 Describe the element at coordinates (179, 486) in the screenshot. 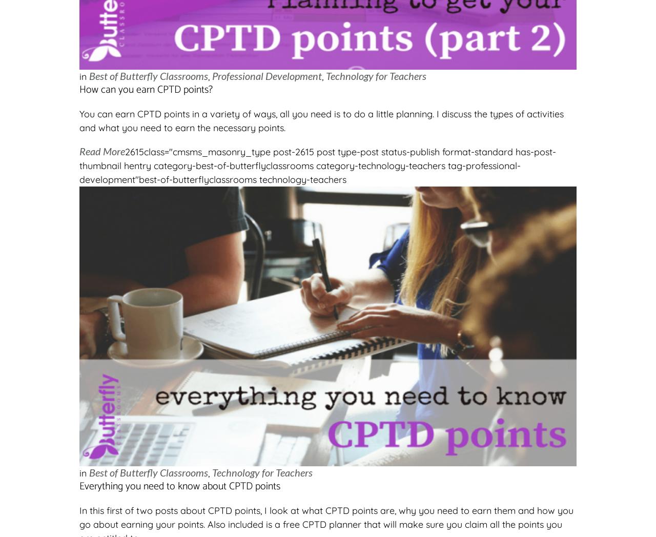

I see `'Everything you need to know about CPTD points'` at that location.